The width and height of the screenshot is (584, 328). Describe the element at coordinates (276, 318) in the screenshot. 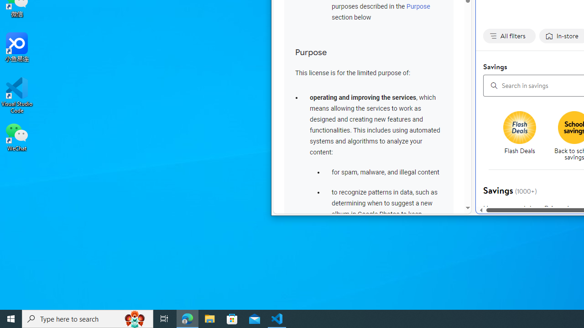

I see `'Visual Studio Code - 1 running window'` at that location.